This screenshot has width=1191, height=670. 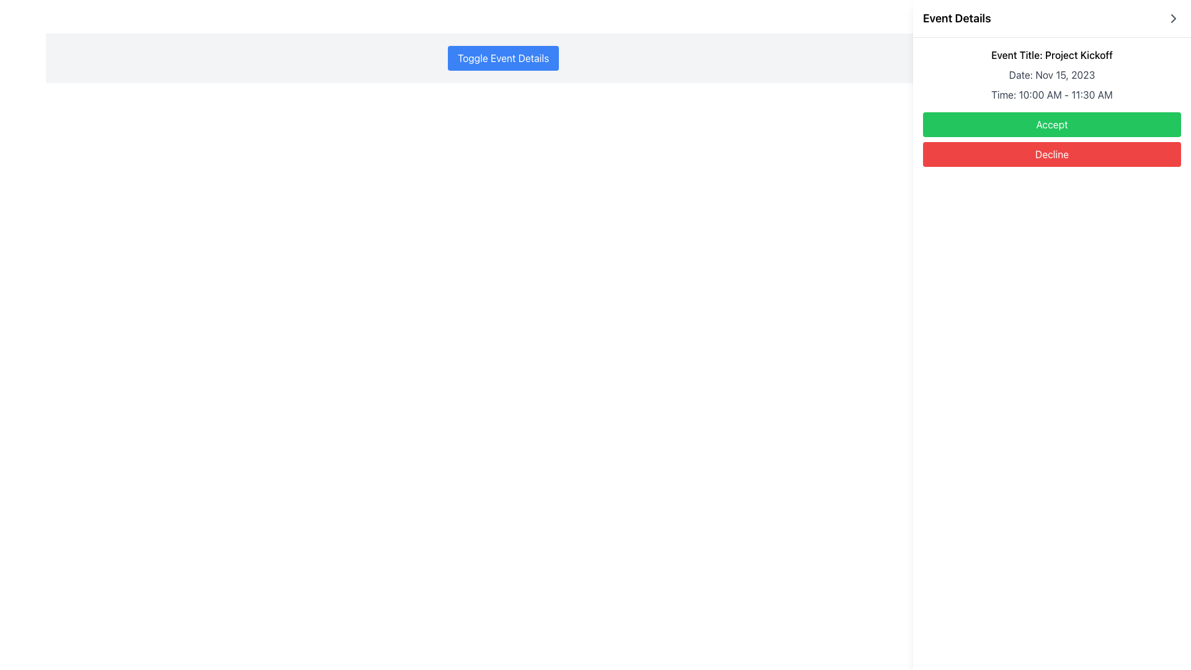 I want to click on the Chevron icon button located at the top-right corner of the 'Event Details' panel, adjacent to the panel title text 'Event Details', so click(x=1172, y=19).